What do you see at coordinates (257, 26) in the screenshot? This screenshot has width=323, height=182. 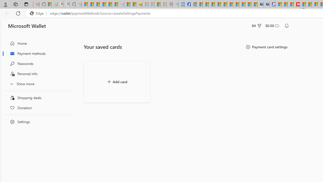 I see `'Microsoft Rewards - 84 points'` at bounding box center [257, 26].